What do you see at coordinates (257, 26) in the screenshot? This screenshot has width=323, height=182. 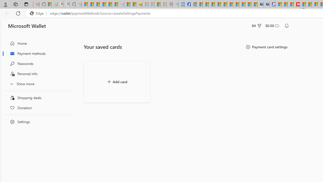 I see `'Microsoft Rewards - 84 points'` at bounding box center [257, 26].